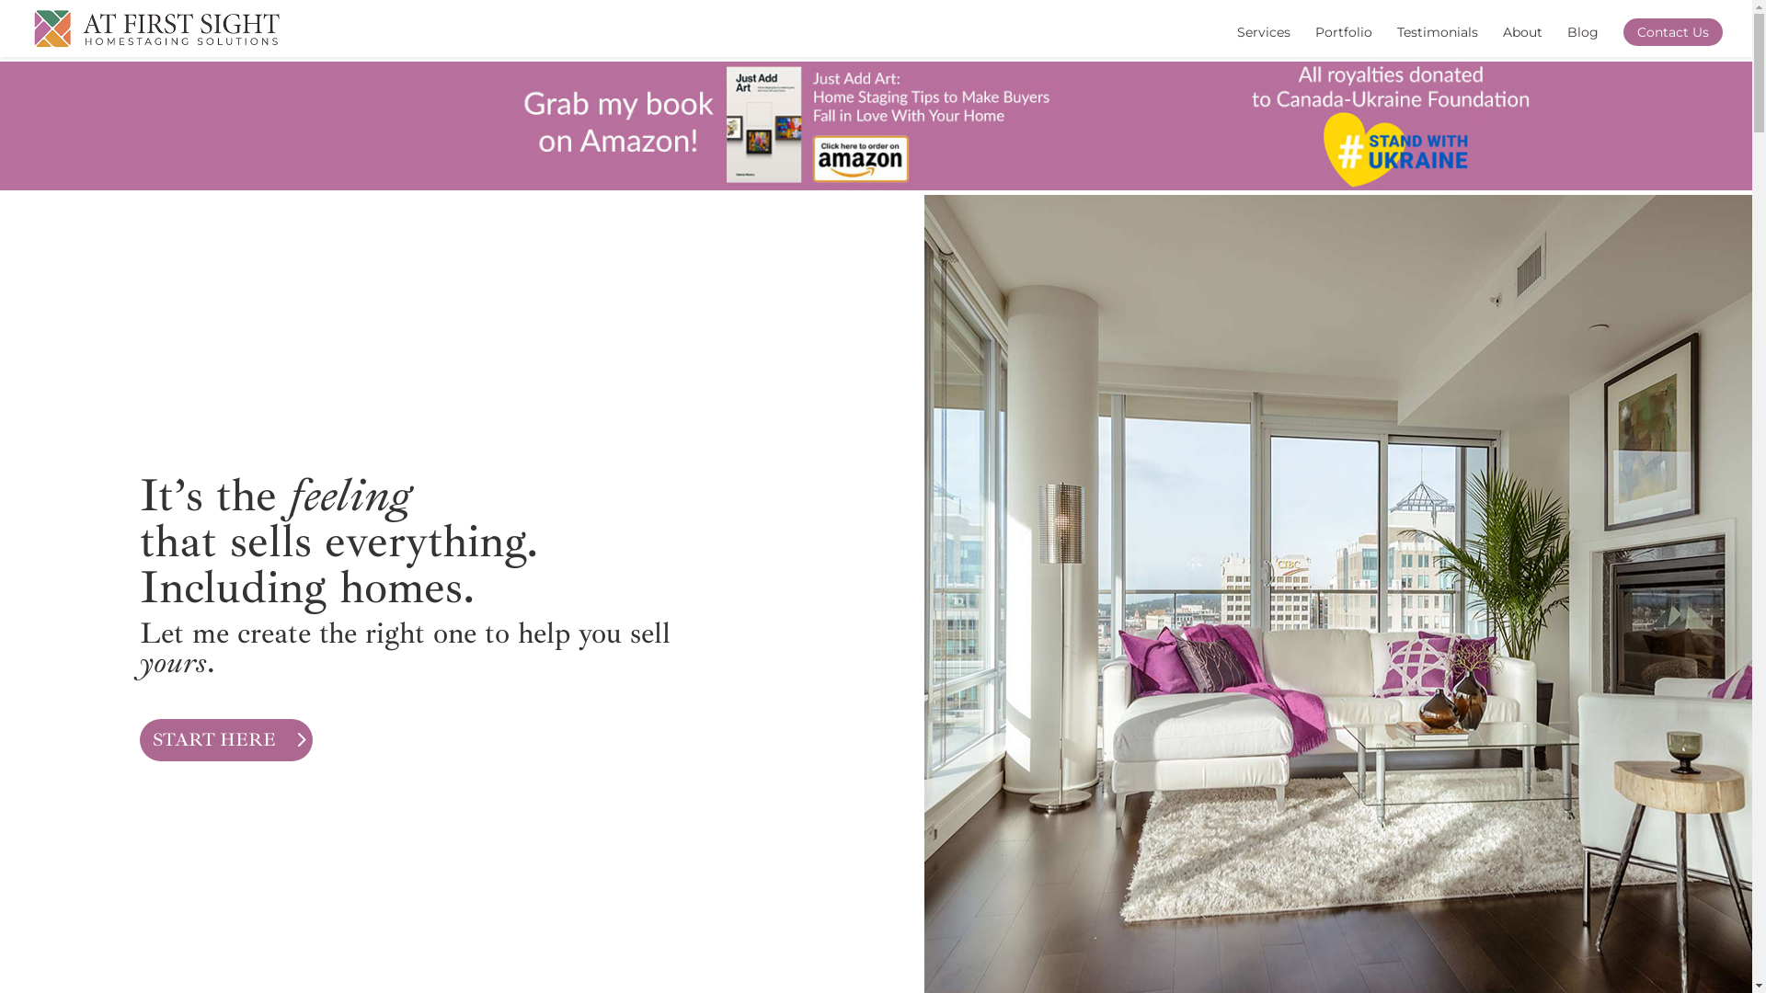 The width and height of the screenshot is (1766, 993). What do you see at coordinates (1262, 41) in the screenshot?
I see `'Services'` at bounding box center [1262, 41].